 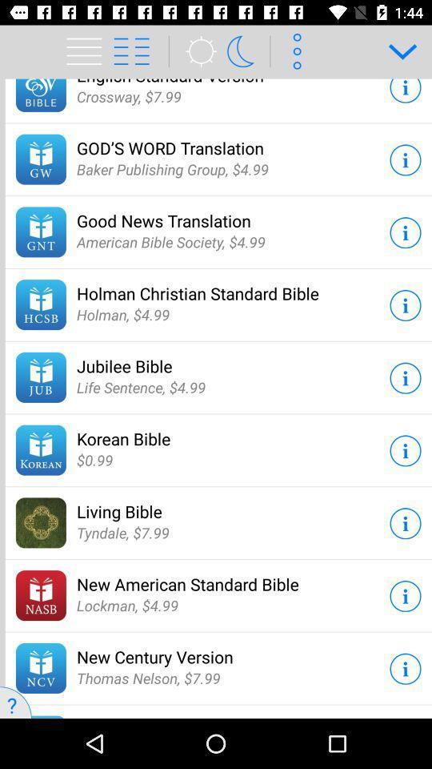 What do you see at coordinates (396, 51) in the screenshot?
I see `the expand_more icon` at bounding box center [396, 51].